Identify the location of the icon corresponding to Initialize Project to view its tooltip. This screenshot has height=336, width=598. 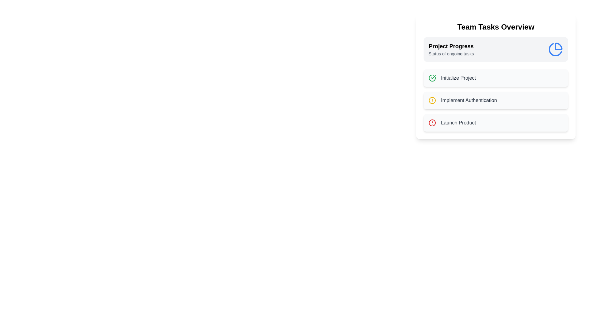
(432, 77).